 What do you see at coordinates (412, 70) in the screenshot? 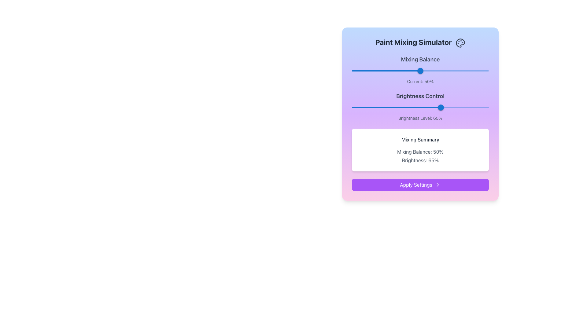
I see `Mixing Balance` at bounding box center [412, 70].